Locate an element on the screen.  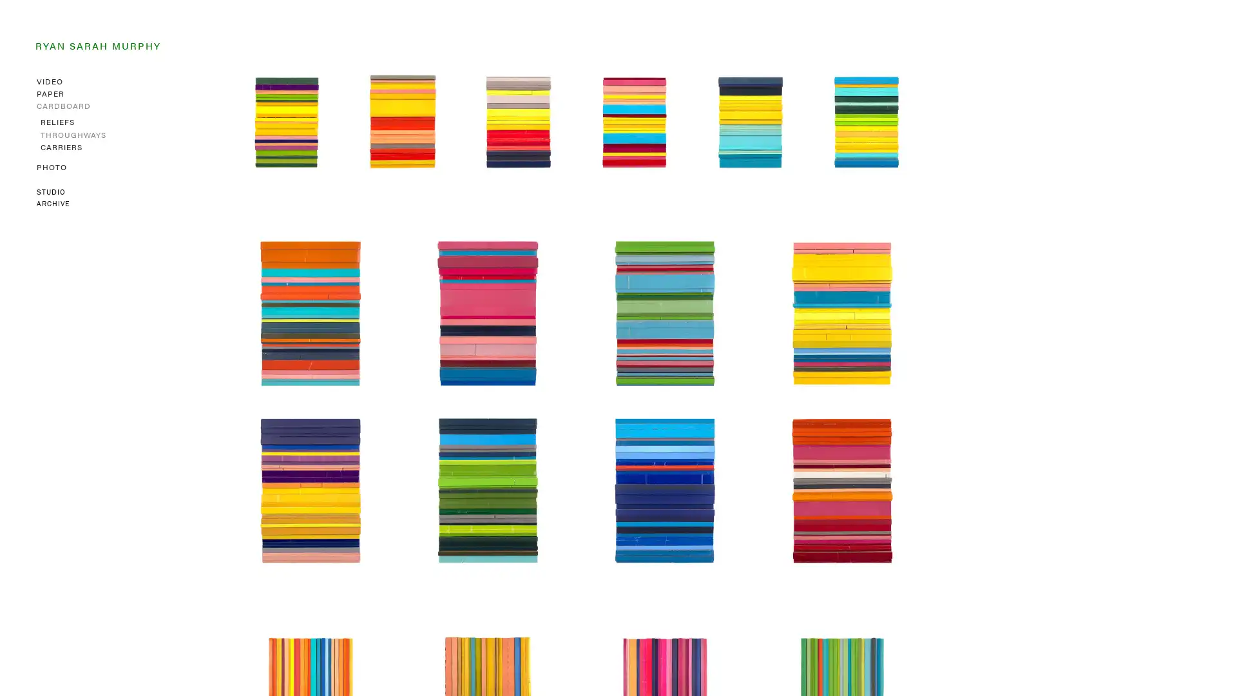
View fullsize Throughway - Lime (Phase) , 2020 Unpainted cardboard and glue on Arches paper 11 x 7.5 inches is located at coordinates (665, 313).